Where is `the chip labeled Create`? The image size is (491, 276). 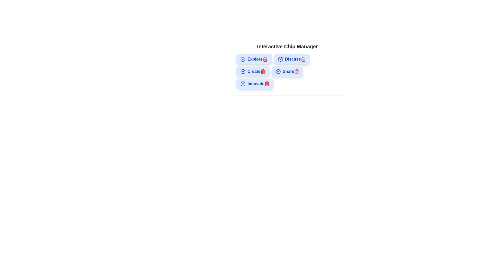
the chip labeled Create is located at coordinates (253, 72).